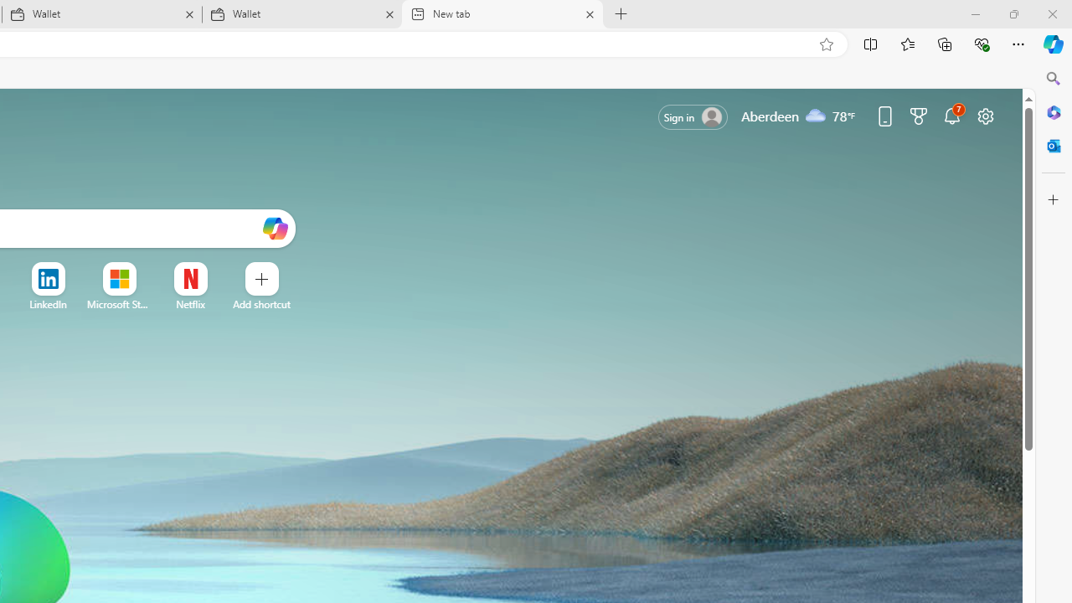 This screenshot has height=603, width=1072. I want to click on 'Microsoft Start', so click(118, 304).